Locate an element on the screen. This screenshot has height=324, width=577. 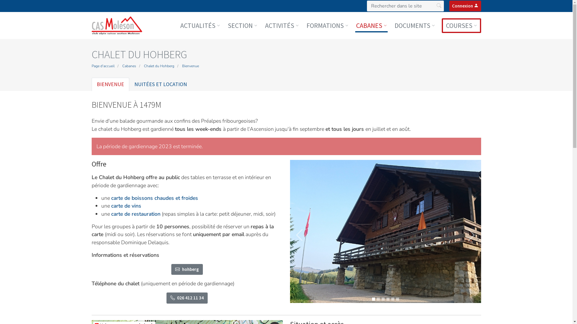
'Connexion' is located at coordinates (464, 6).